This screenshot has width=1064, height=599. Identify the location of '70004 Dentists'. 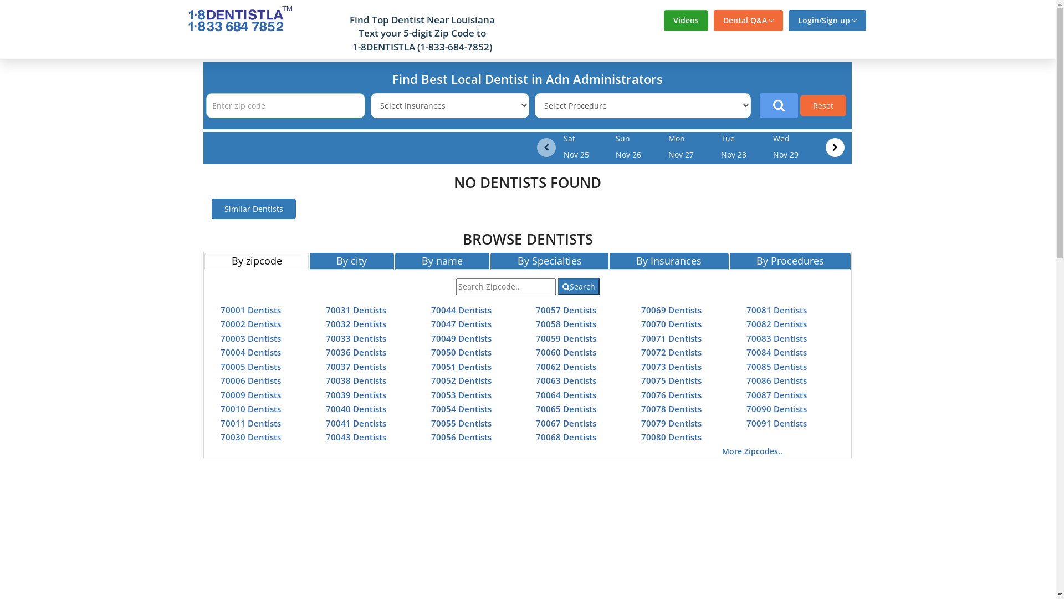
(221, 352).